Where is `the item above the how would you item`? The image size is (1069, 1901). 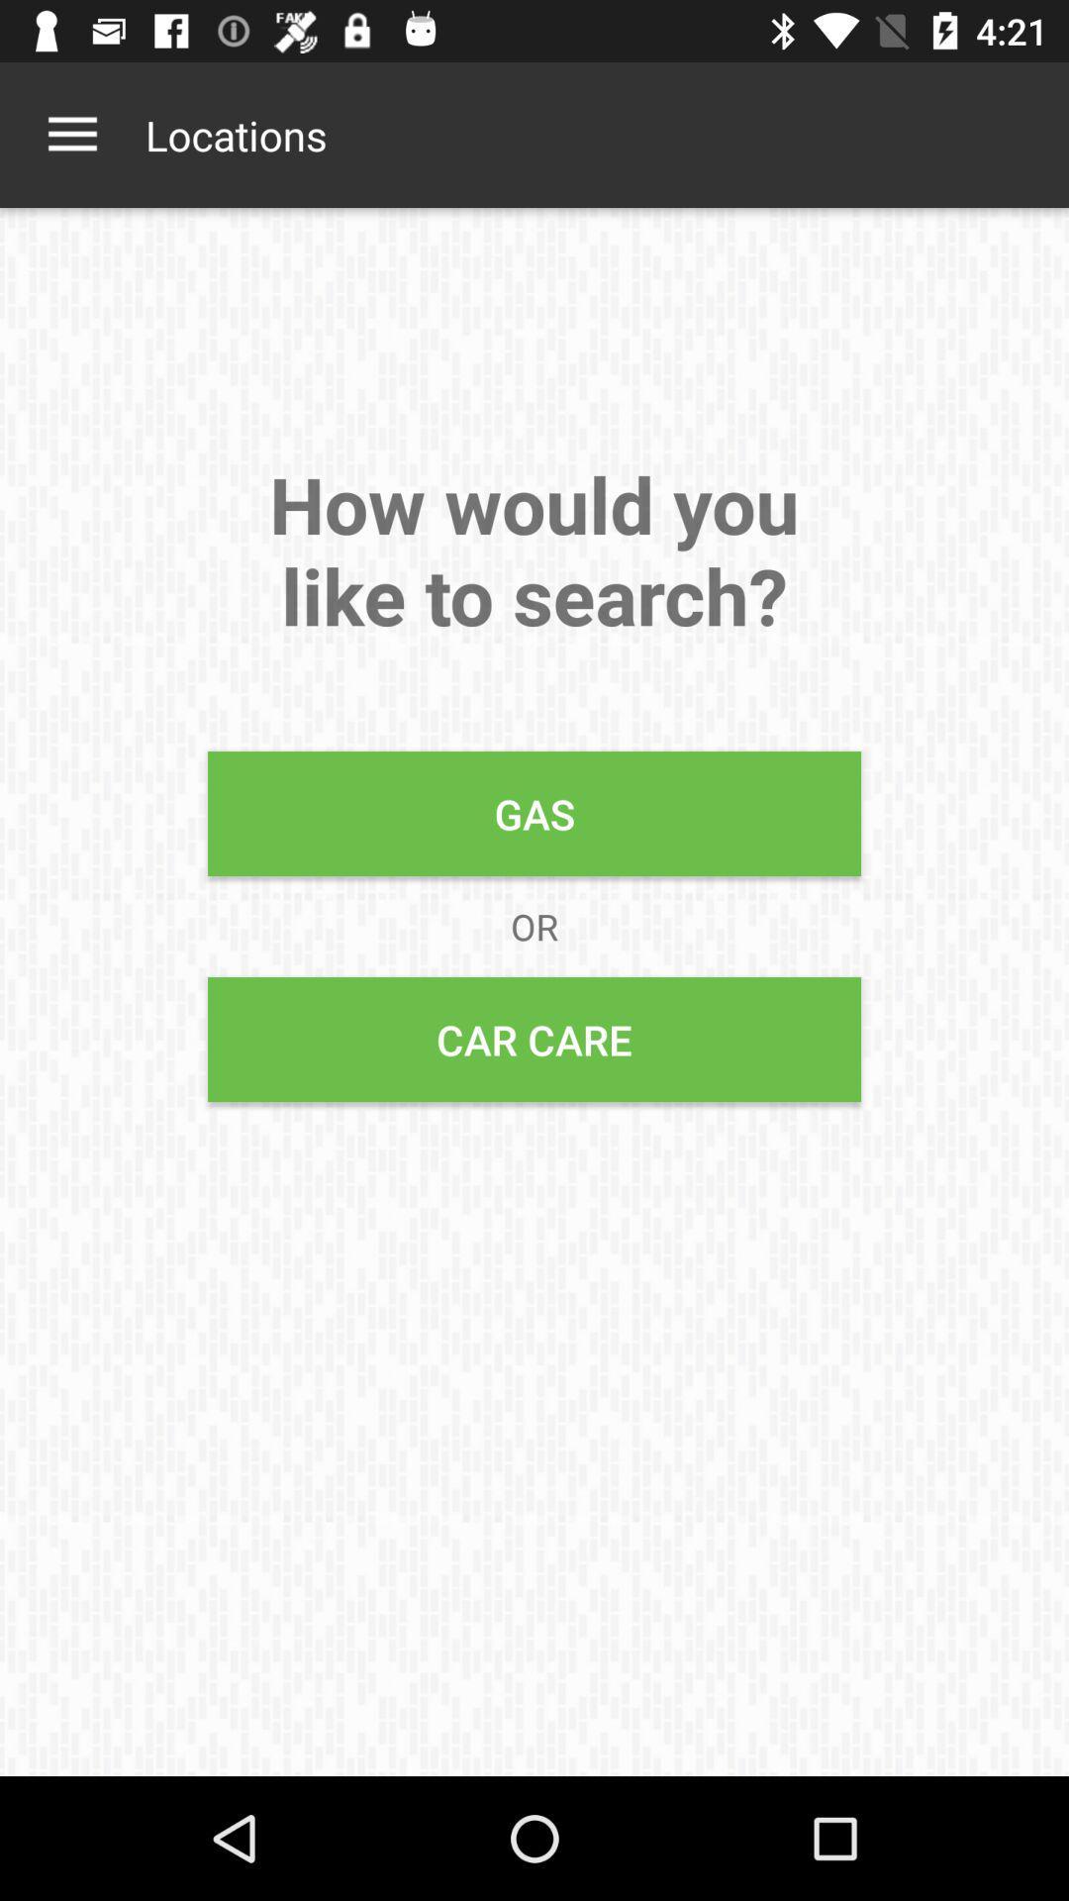
the item above the how would you item is located at coordinates (235, 134).